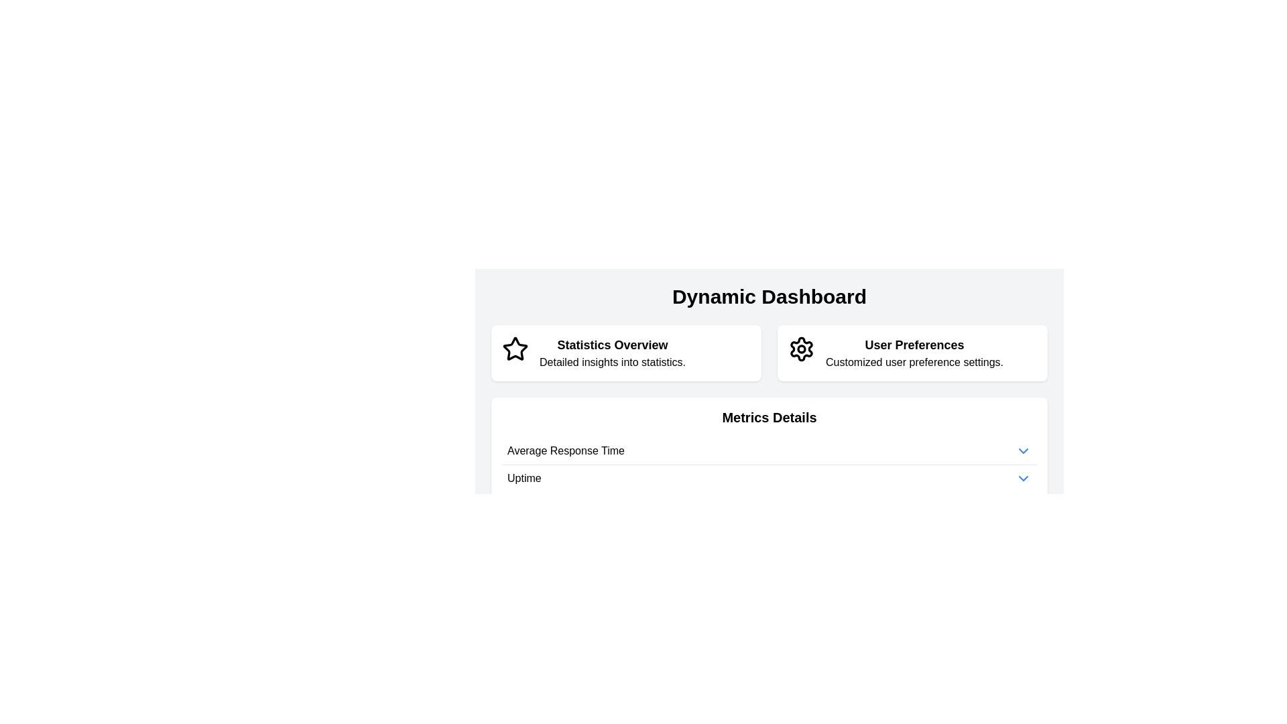 The image size is (1287, 724). I want to click on the Icon button styled as a dropdown toggle located on the far right side of the row containing the text 'Uptime', so click(1022, 477).